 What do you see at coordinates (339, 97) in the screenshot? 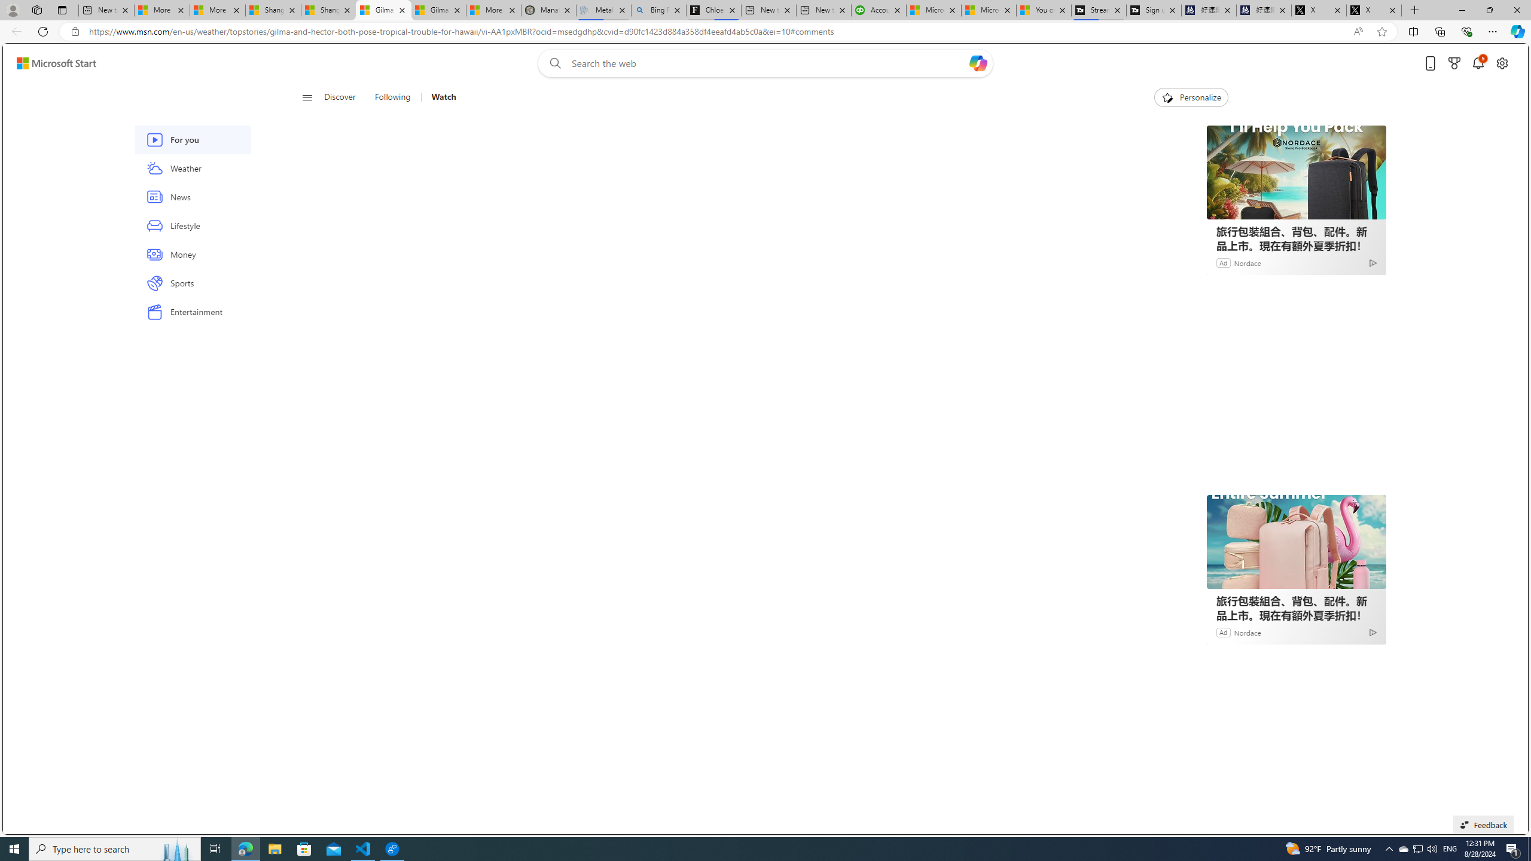
I see `'Discover'` at bounding box center [339, 97].